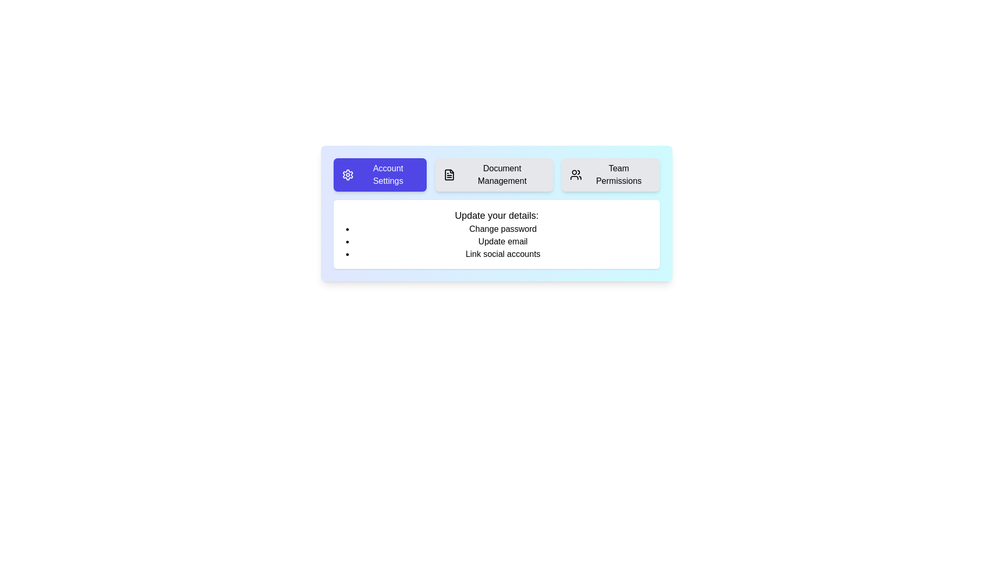 The width and height of the screenshot is (1004, 564). What do you see at coordinates (502, 174) in the screenshot?
I see `the 'Document Management' text label, which is the second item in the navigation group between 'Account Settings' and 'Team Permissions'` at bounding box center [502, 174].